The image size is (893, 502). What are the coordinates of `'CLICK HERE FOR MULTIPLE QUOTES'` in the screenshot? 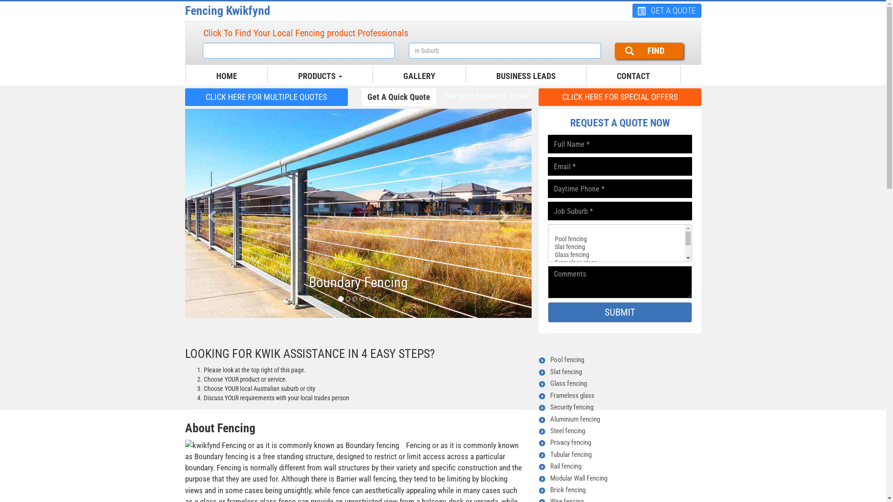 It's located at (266, 97).